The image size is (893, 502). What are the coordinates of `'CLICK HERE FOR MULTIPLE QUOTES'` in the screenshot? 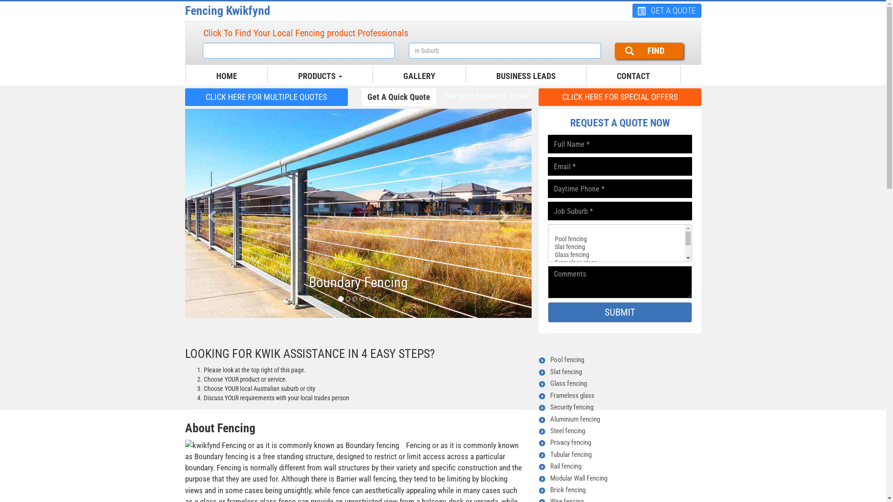 It's located at (266, 97).